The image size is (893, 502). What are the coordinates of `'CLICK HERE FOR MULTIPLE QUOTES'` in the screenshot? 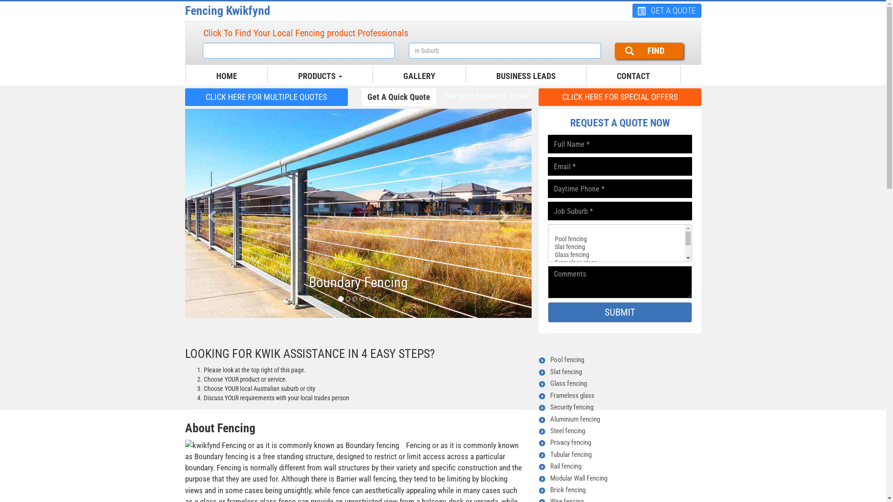 It's located at (266, 97).